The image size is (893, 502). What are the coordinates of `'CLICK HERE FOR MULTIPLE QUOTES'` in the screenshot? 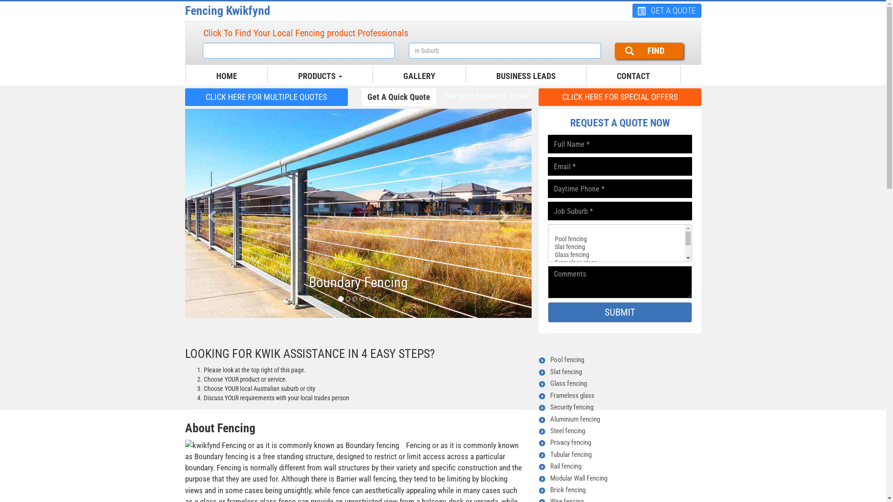 It's located at (266, 97).